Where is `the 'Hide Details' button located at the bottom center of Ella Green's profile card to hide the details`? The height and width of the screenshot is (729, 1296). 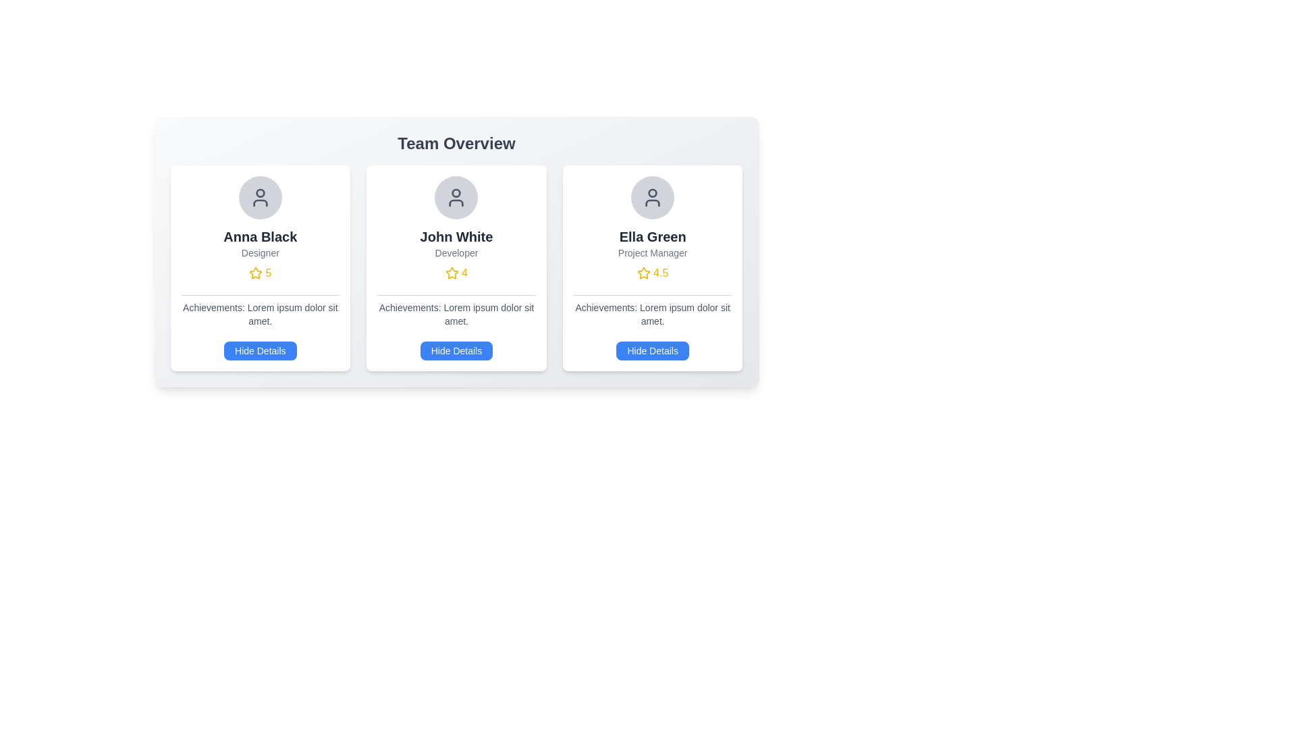
the 'Hide Details' button located at the bottom center of Ella Green's profile card to hide the details is located at coordinates (652, 350).